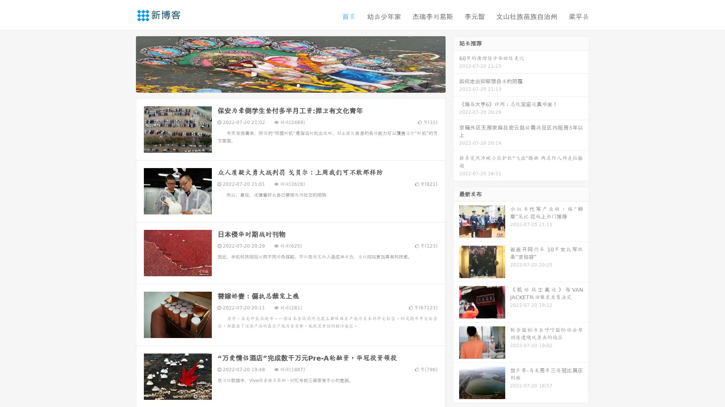 This screenshot has width=725, height=407. What do you see at coordinates (282, 85) in the screenshot?
I see `Go to slide 1` at bounding box center [282, 85].